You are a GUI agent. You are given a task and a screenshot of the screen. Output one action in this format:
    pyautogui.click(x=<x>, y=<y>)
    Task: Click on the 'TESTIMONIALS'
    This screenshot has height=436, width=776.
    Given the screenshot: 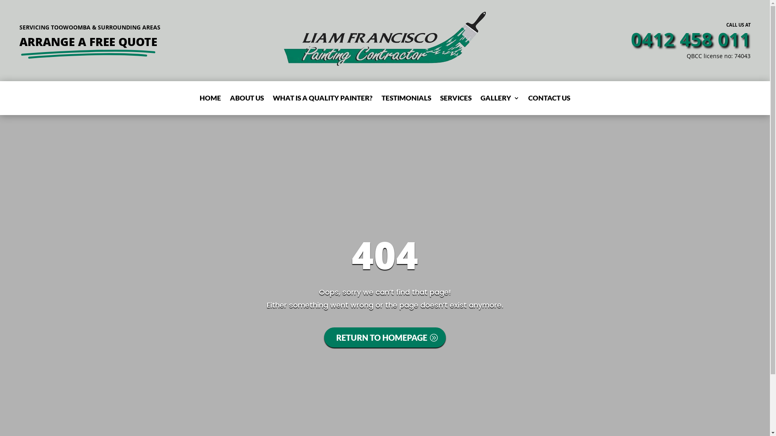 What is the action you would take?
    pyautogui.click(x=406, y=99)
    